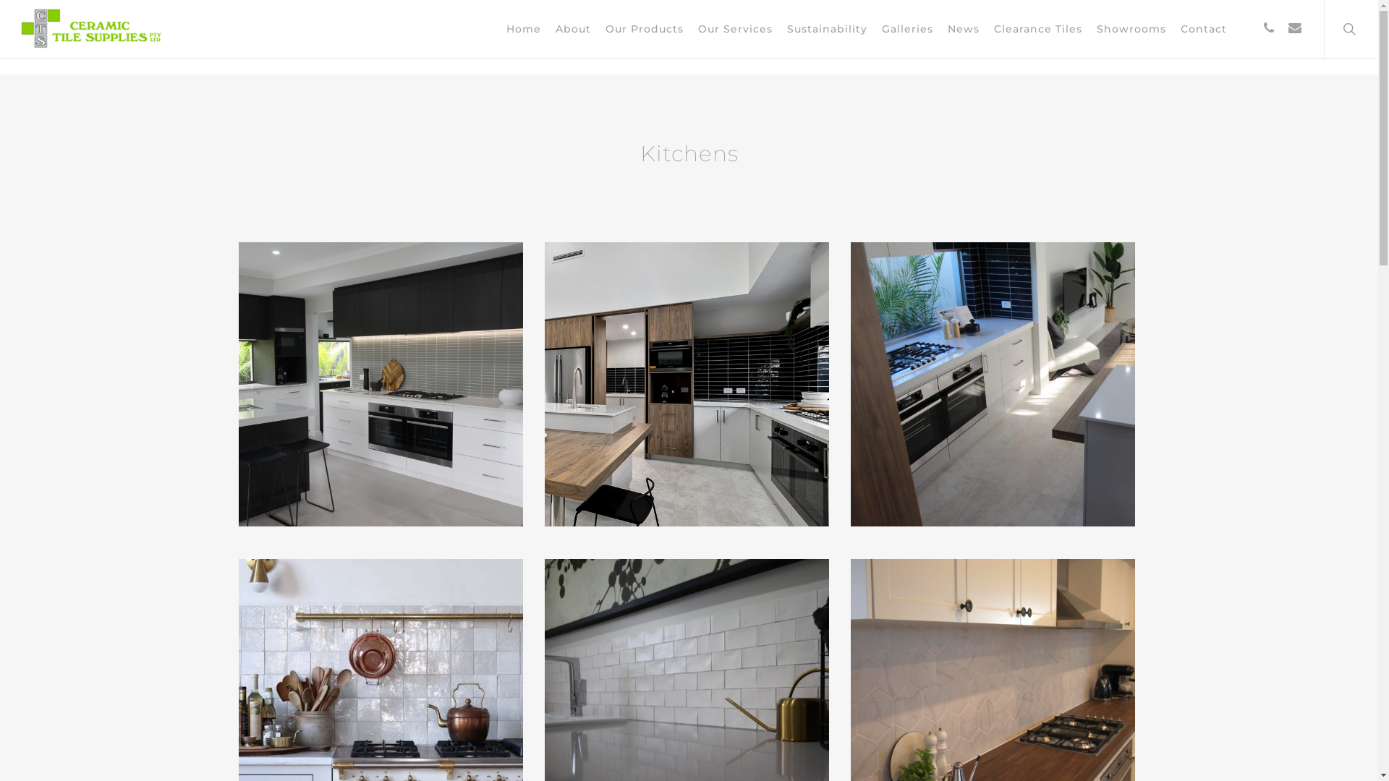  Describe the element at coordinates (735, 28) in the screenshot. I see `'Our Services'` at that location.